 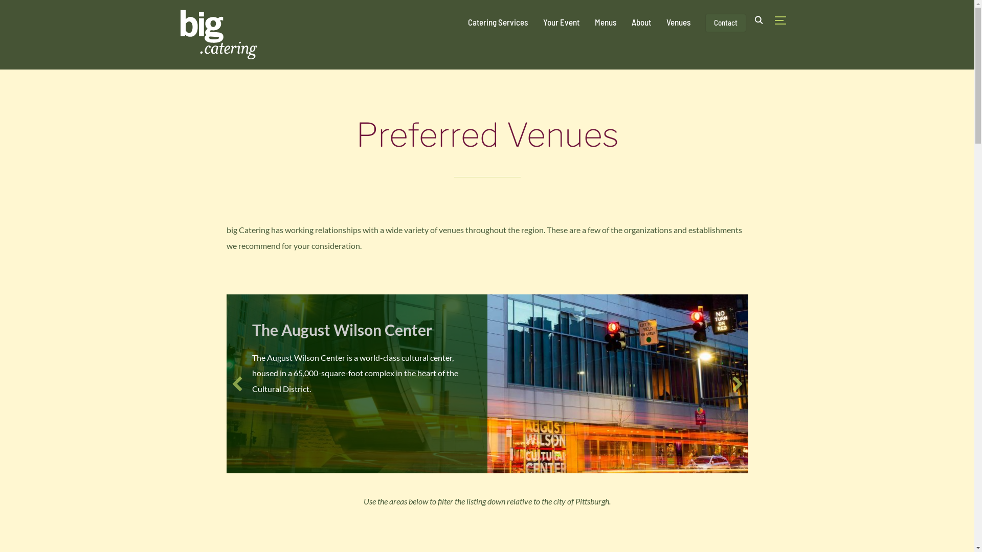 I want to click on 'Contact', so click(x=705, y=23).